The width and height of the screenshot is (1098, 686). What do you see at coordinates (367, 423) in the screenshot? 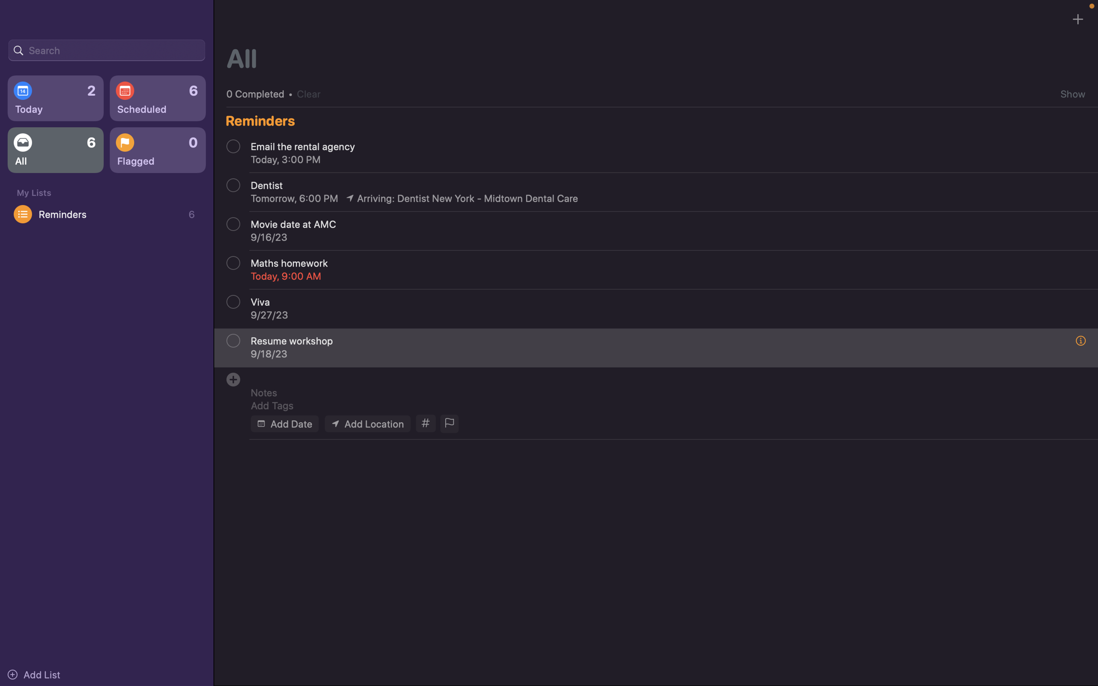
I see `Add location of the event as "123 Woodlane street"` at bounding box center [367, 423].